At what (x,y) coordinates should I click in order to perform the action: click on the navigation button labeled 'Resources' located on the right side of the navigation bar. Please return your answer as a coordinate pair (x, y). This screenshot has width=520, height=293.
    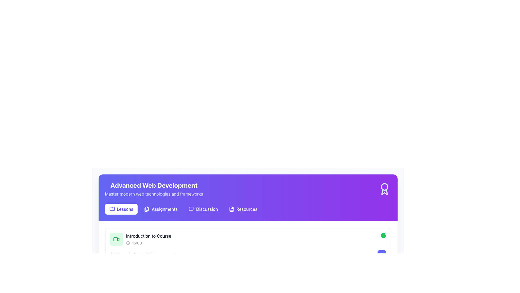
    Looking at the image, I should click on (246, 209).